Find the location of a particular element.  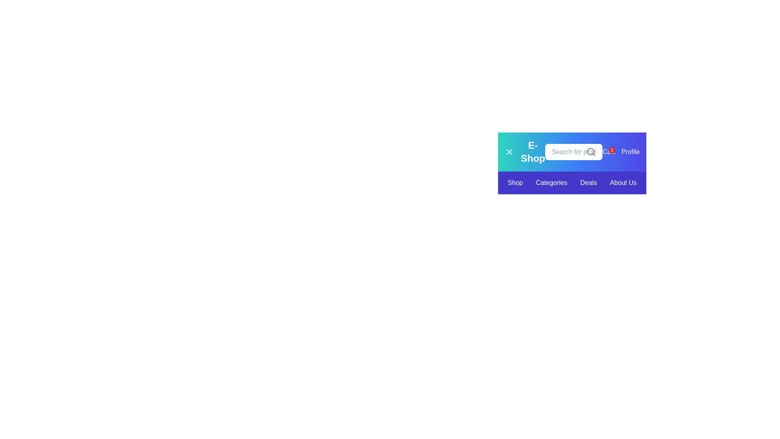

the hyperlink in the navigation bar that directs users to the shop section of the website is located at coordinates (514, 182).